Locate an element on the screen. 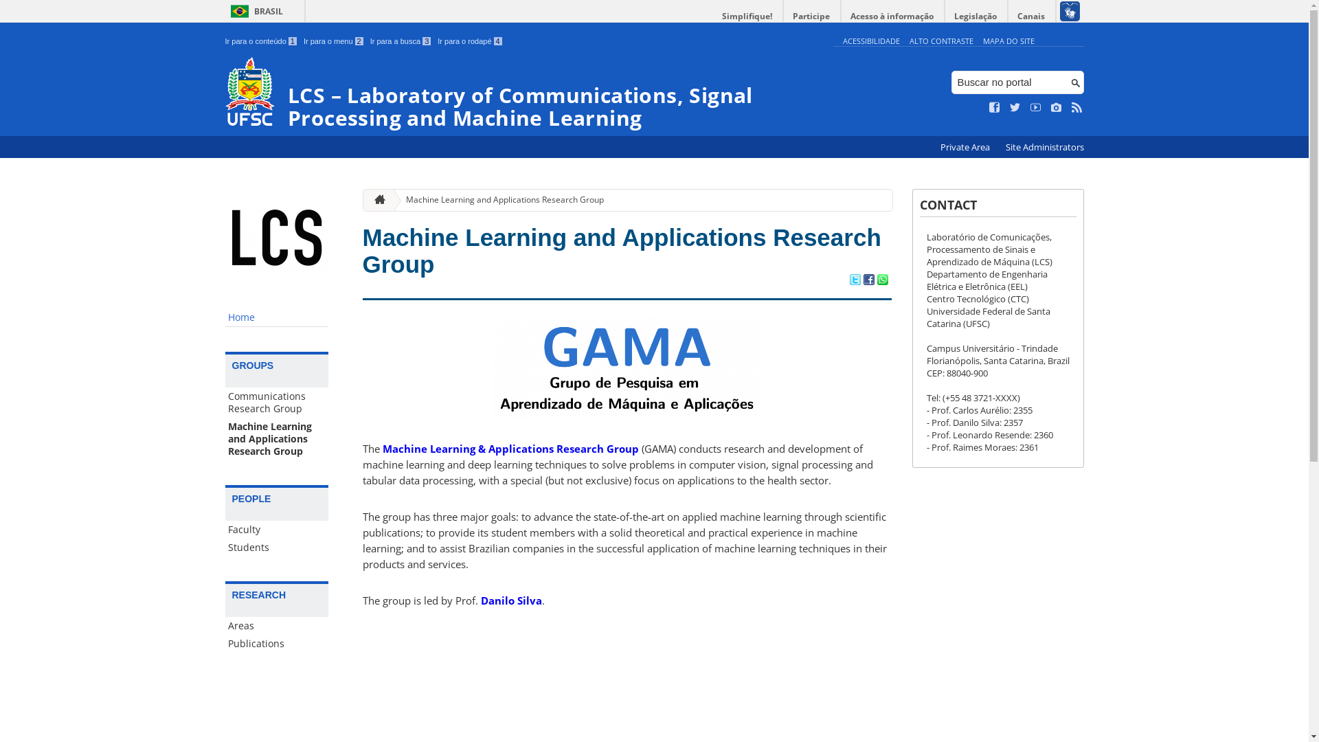 The width and height of the screenshot is (1319, 742). 'Communications Research Group' is located at coordinates (276, 402).